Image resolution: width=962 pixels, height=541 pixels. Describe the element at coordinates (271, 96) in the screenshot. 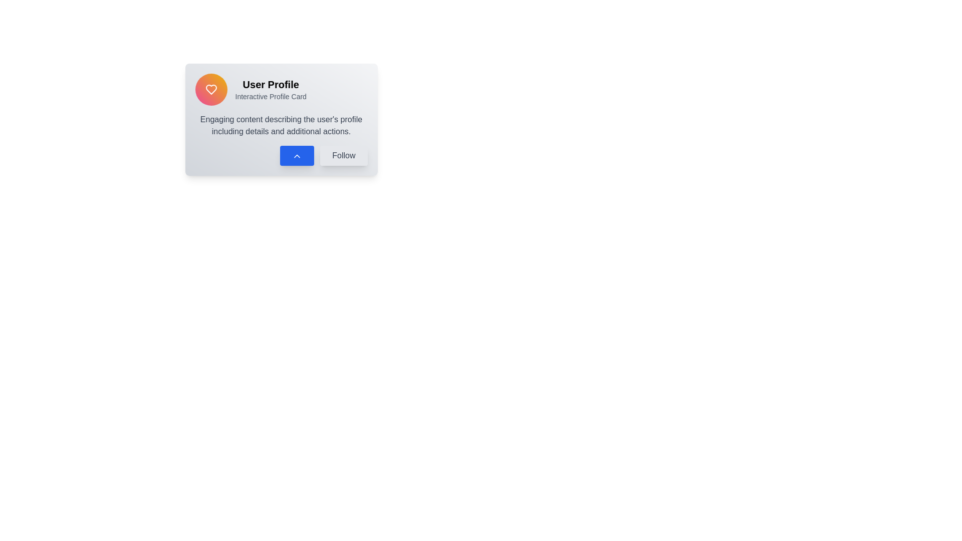

I see `the Static Text Label displaying 'Interactive Profile Card', which is positioned below the 'User Profile' title in a card-like UI component` at that location.